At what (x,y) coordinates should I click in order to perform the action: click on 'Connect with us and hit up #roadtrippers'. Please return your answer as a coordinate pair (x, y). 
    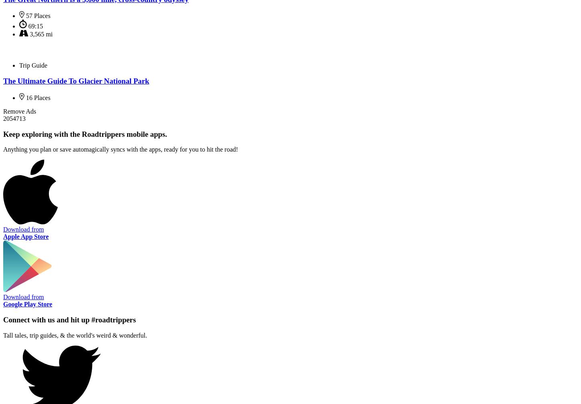
    Looking at the image, I should click on (3, 320).